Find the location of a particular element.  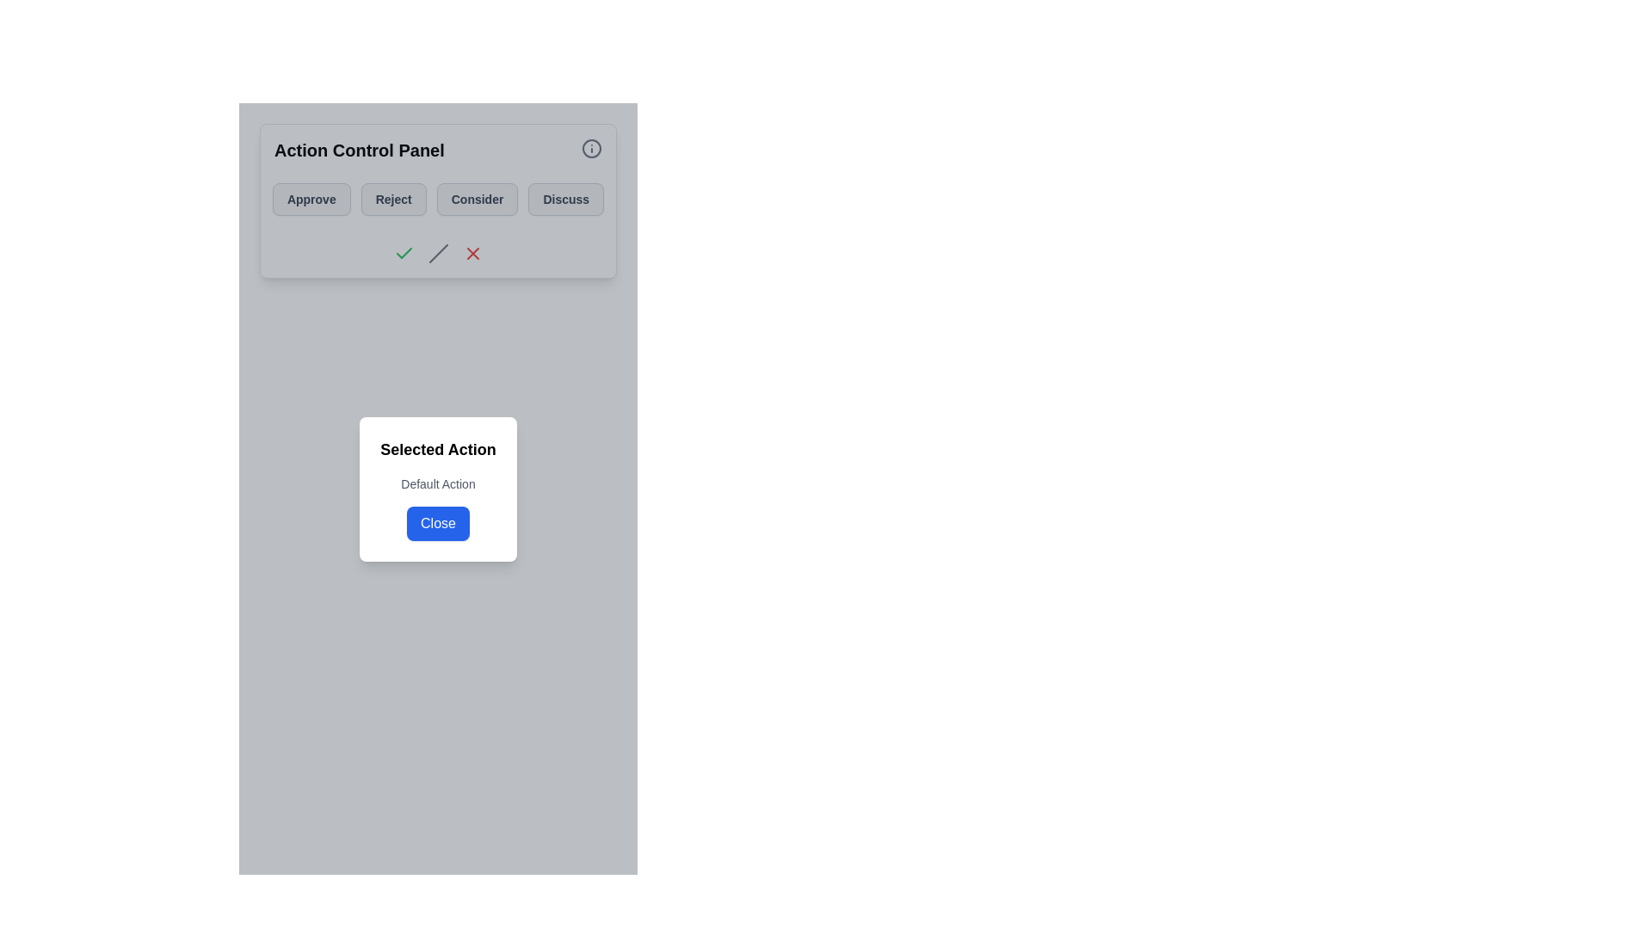

the 'Approve' button, which is the first button in a horizontal group below the 'Action Control Panel' heading is located at coordinates (311, 198).